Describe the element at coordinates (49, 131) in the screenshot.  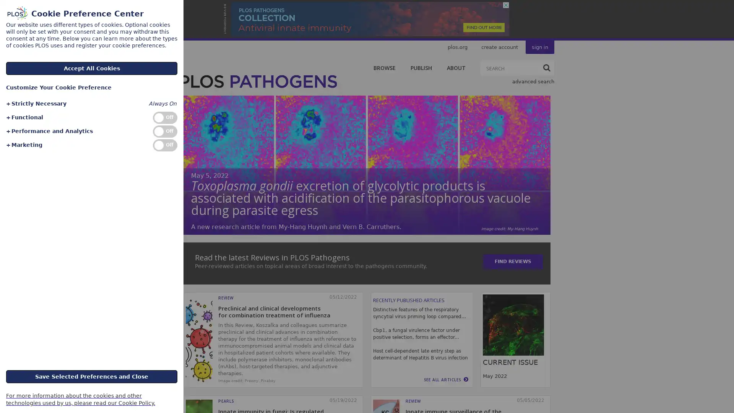
I see `Toggle explanation of Performance and Analytics Cookies.` at that location.